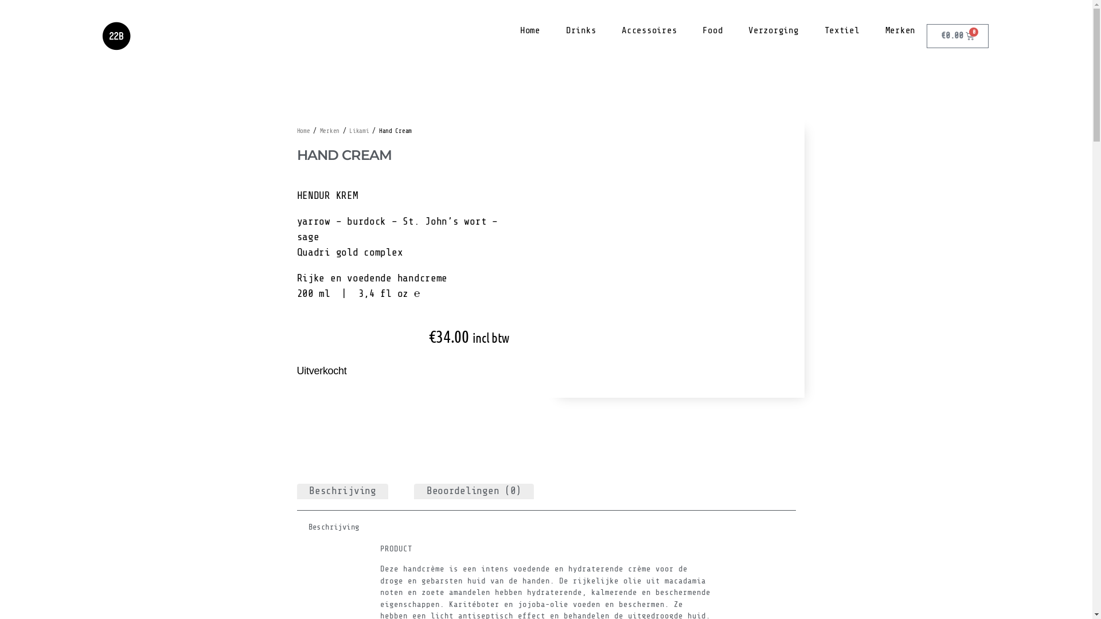 Image resolution: width=1101 pixels, height=619 pixels. Describe the element at coordinates (329, 130) in the screenshot. I see `'Merken'` at that location.